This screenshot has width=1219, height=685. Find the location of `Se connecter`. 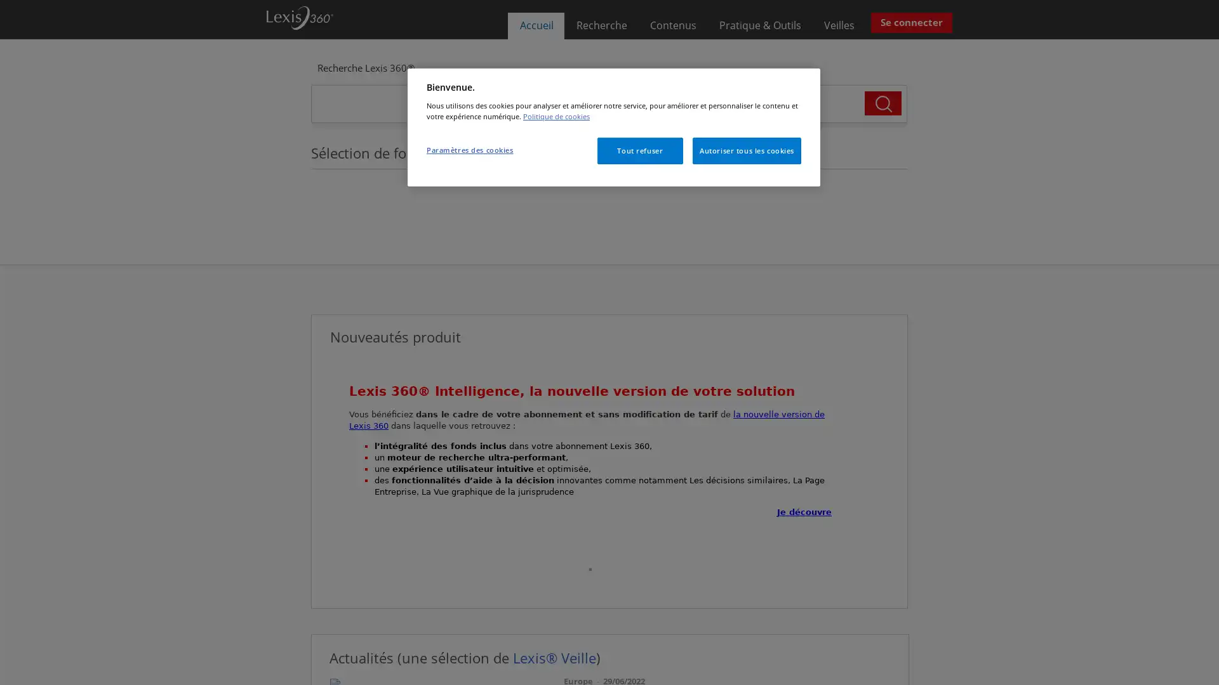

Se connecter is located at coordinates (910, 22).